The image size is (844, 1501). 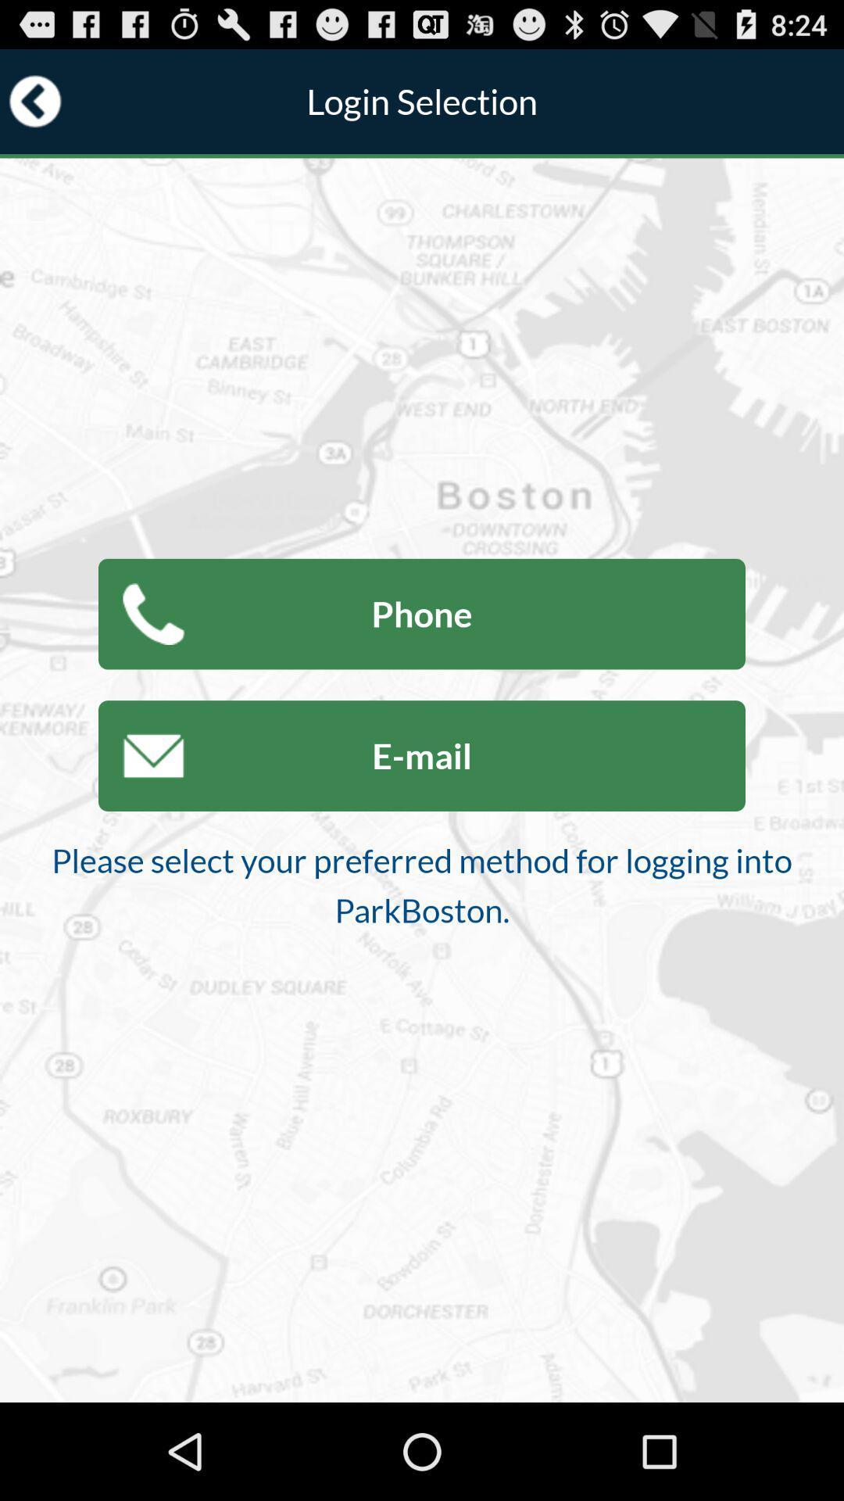 I want to click on the arrow_backward icon, so click(x=35, y=107).